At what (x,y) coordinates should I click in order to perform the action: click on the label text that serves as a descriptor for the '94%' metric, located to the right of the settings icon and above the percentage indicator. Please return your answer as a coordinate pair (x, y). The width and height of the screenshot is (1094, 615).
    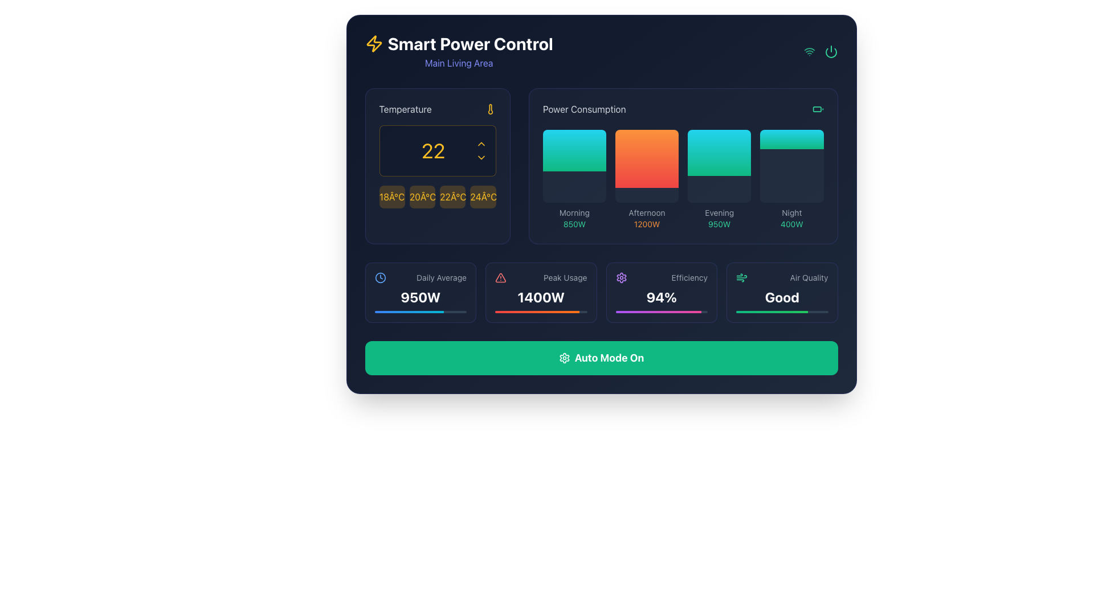
    Looking at the image, I should click on (689, 278).